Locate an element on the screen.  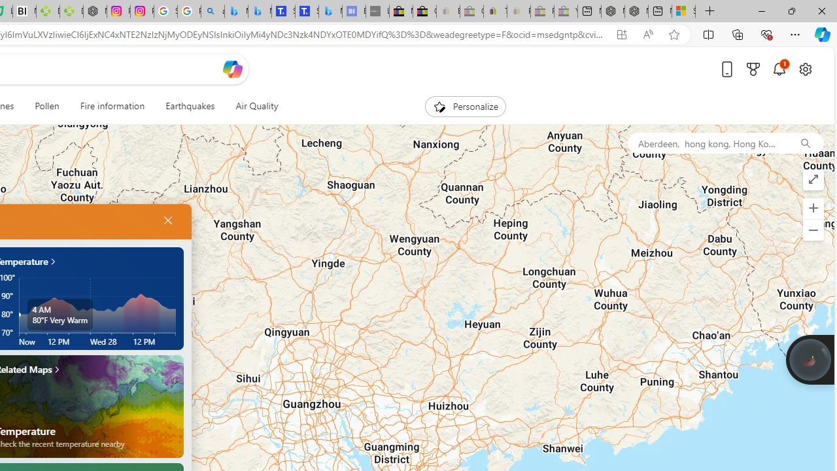
'Shangri-La Bangkok, Hotel reviews and Room rates' is located at coordinates (306, 11).